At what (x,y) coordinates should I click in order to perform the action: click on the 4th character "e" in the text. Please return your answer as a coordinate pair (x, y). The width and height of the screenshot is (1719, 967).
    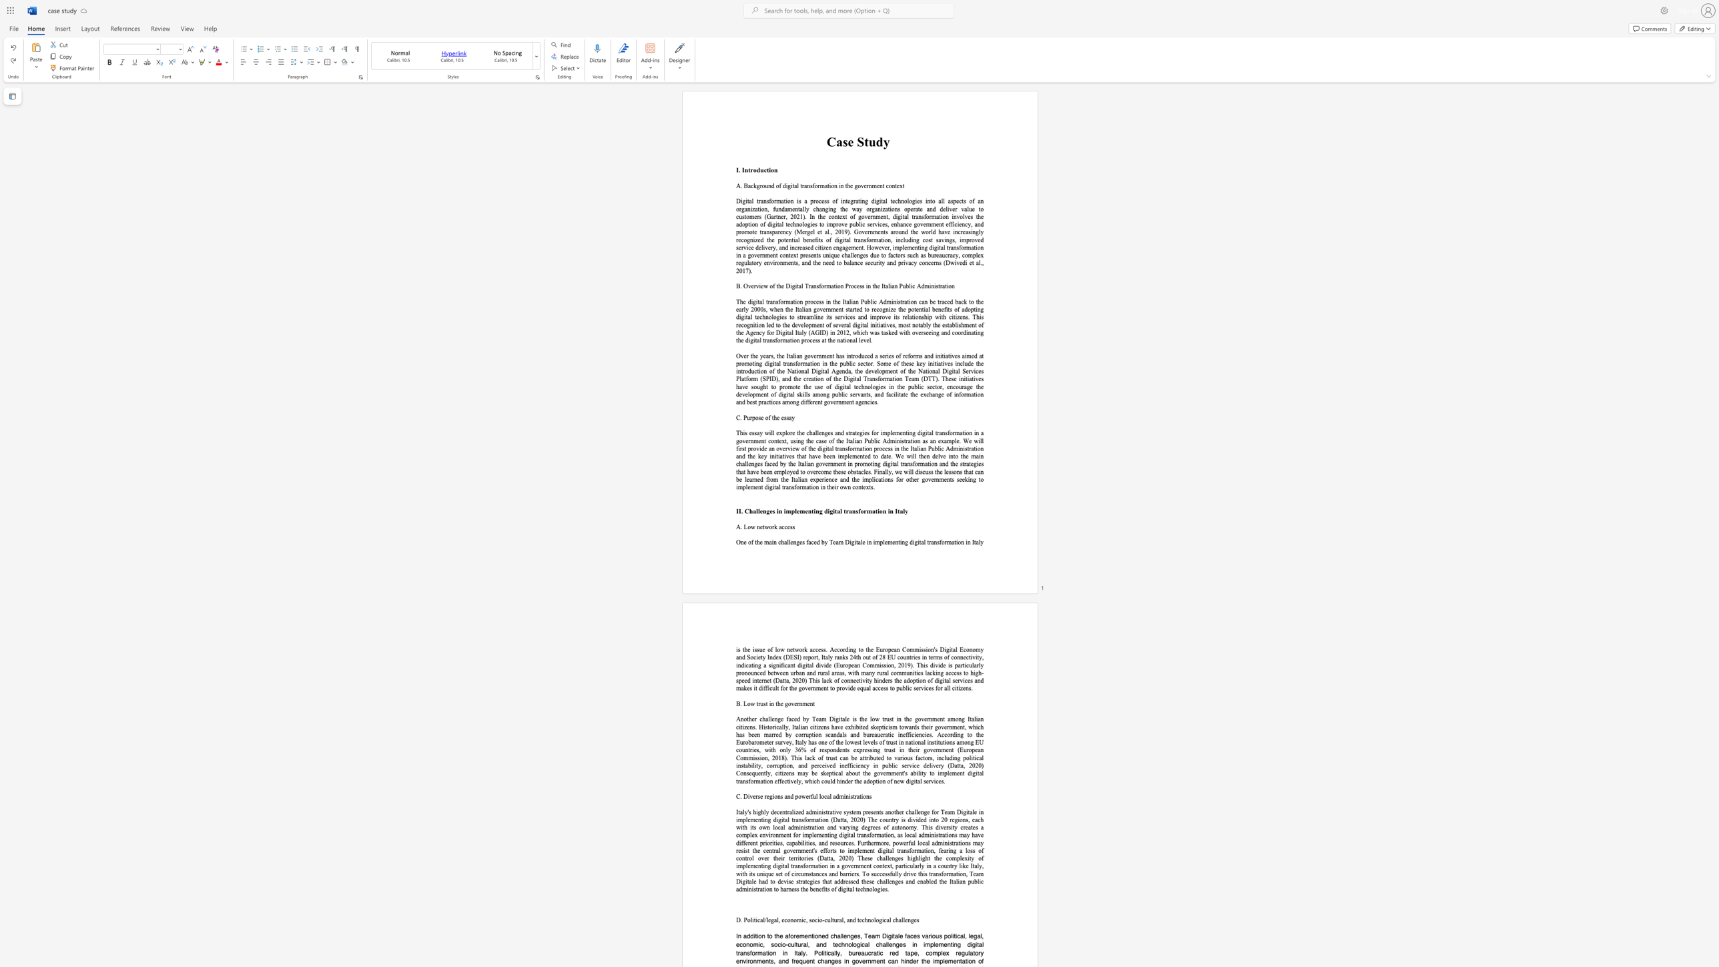
    Looking at the image, I should click on (898, 186).